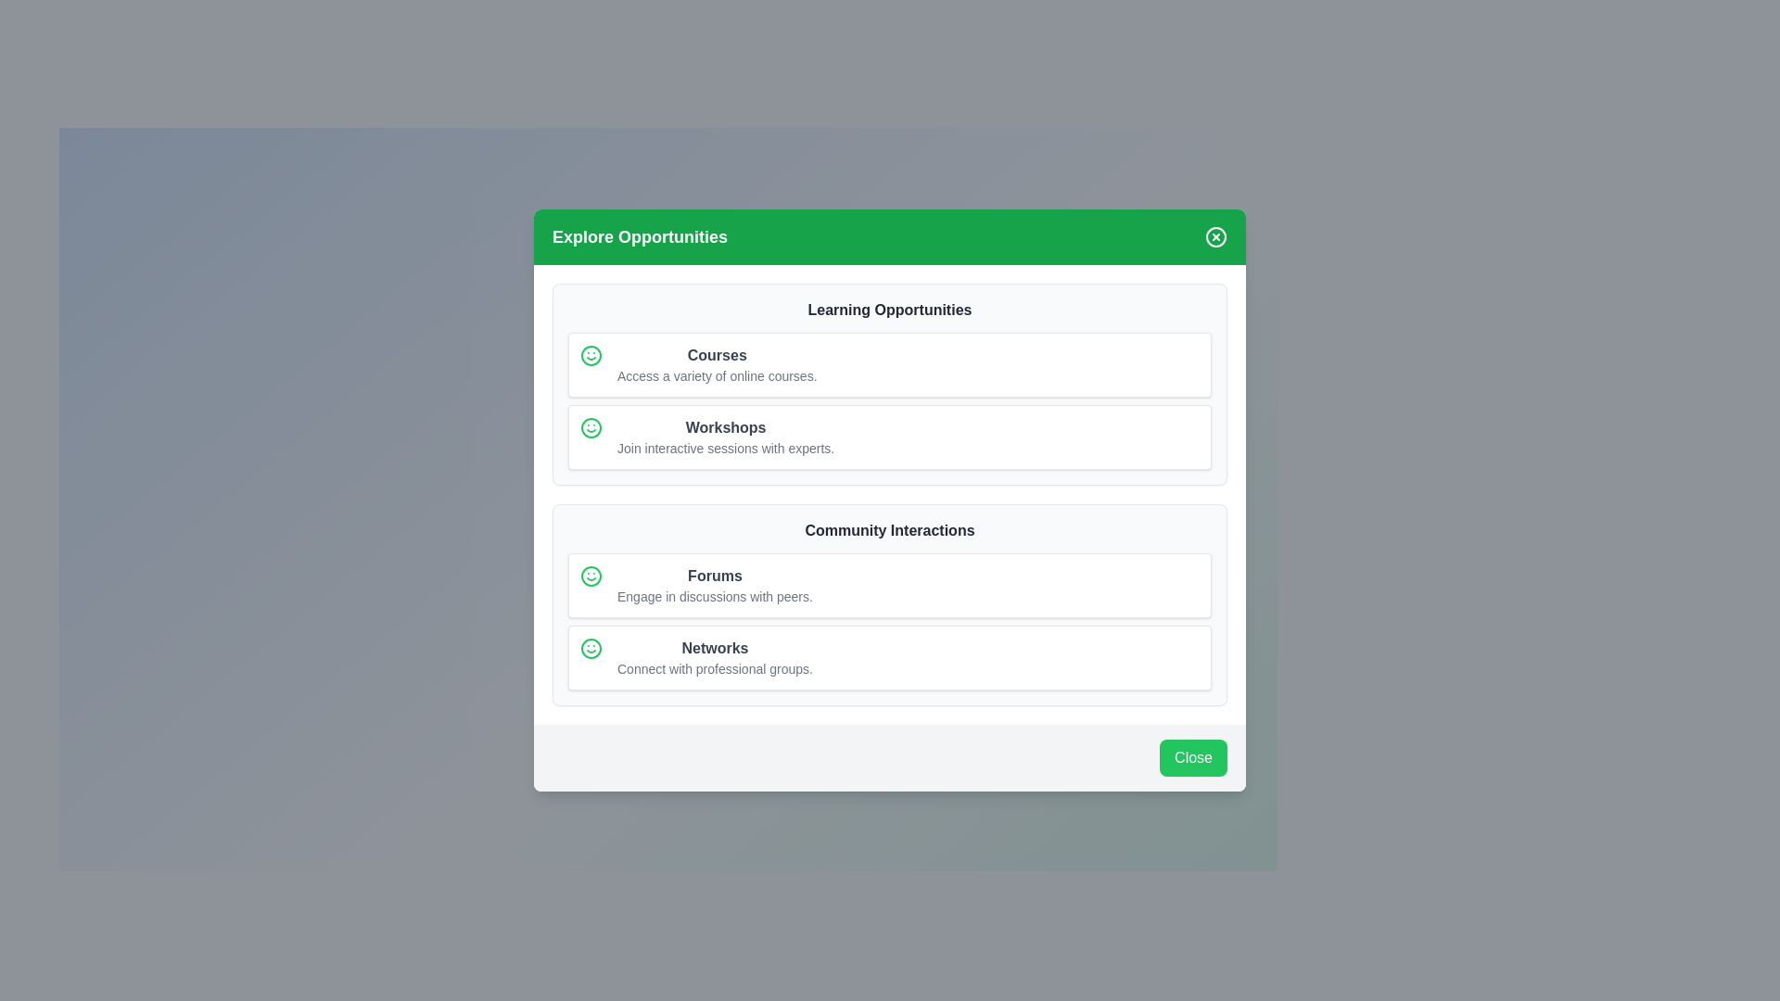 Image resolution: width=1780 pixels, height=1001 pixels. What do you see at coordinates (1193, 757) in the screenshot?
I see `the close button located at the bottom-right corner of the modal` at bounding box center [1193, 757].